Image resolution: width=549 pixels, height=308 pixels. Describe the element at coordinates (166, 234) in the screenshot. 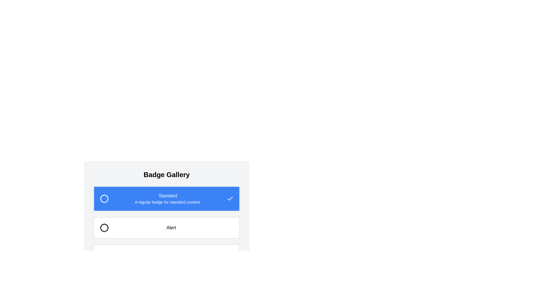

I see `the Informational Section labeled 'Alert', which is the second section below 'Badge Gallery' and above the 'Success' section` at that location.